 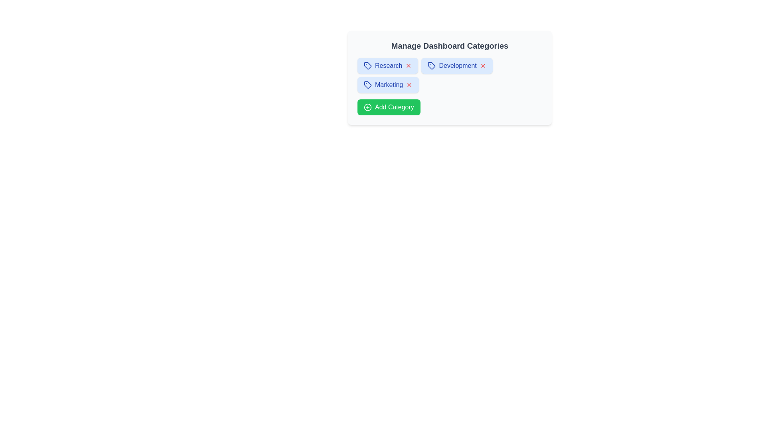 I want to click on 'X' icon on the chip corresponding to the category Development, so click(x=482, y=65).